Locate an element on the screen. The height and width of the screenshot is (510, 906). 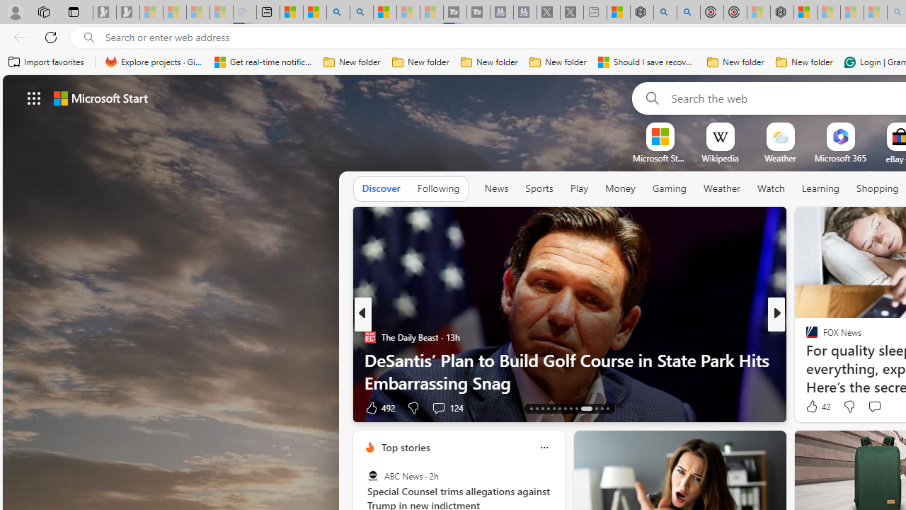
'Play' is located at coordinates (579, 188).